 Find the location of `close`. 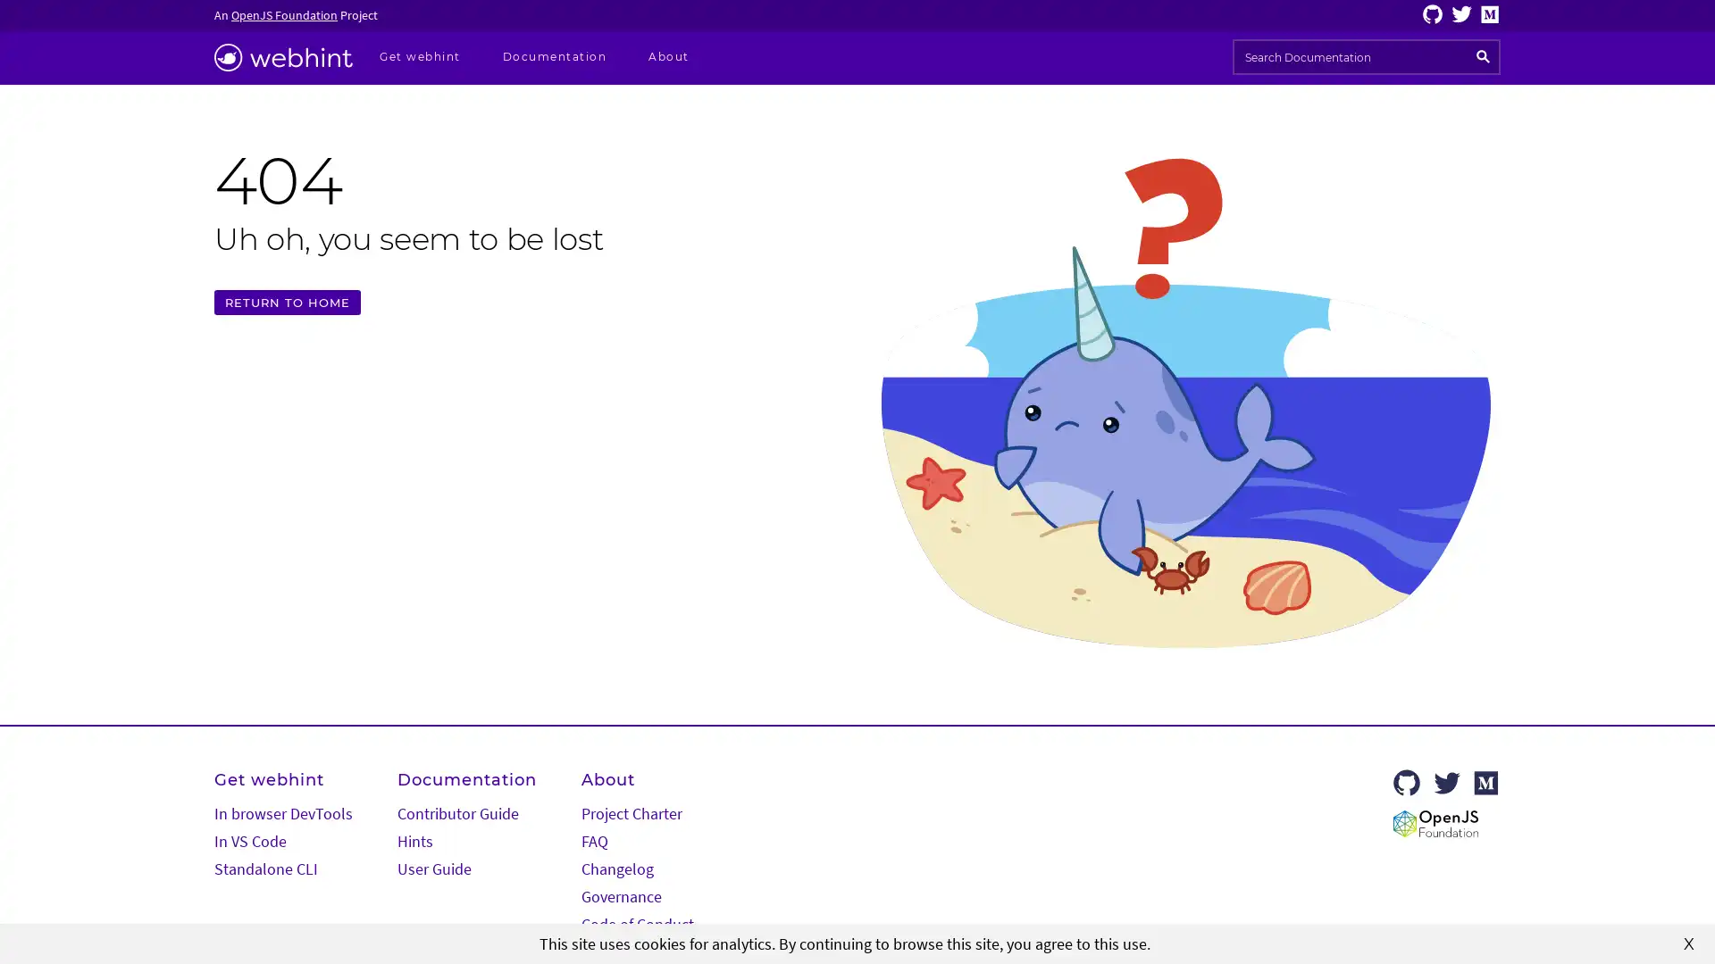

close is located at coordinates (1688, 942).